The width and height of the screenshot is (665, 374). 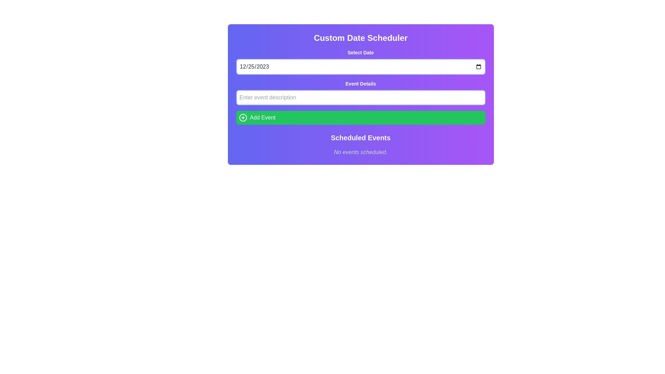 What do you see at coordinates (360, 66) in the screenshot?
I see `the input field for date selection located below the 'Select Date' label to modify its value` at bounding box center [360, 66].